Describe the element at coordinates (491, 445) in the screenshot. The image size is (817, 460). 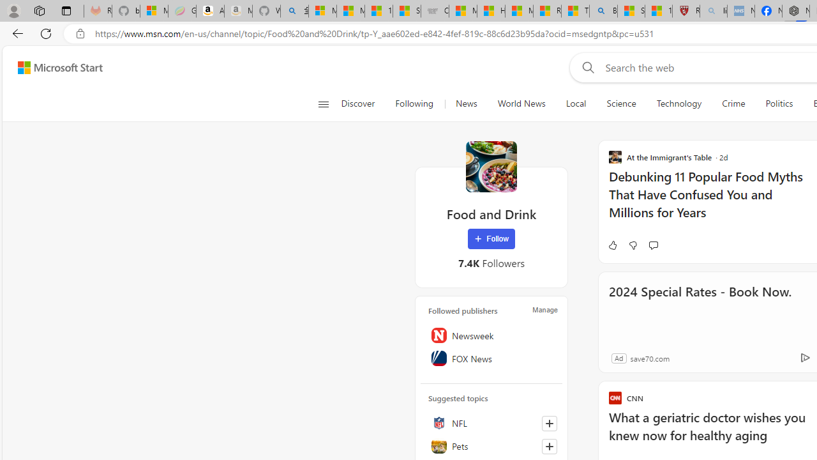
I see `'Pets'` at that location.